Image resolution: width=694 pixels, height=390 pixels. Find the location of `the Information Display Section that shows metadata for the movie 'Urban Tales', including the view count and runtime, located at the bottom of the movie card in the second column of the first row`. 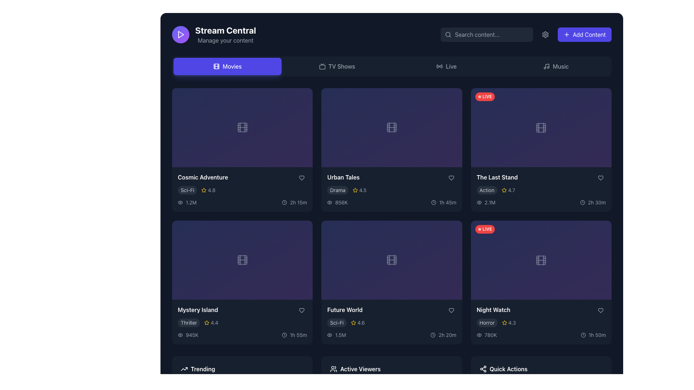

the Information Display Section that shows metadata for the movie 'Urban Tales', including the view count and runtime, located at the bottom of the movie card in the second column of the first row is located at coordinates (391, 202).